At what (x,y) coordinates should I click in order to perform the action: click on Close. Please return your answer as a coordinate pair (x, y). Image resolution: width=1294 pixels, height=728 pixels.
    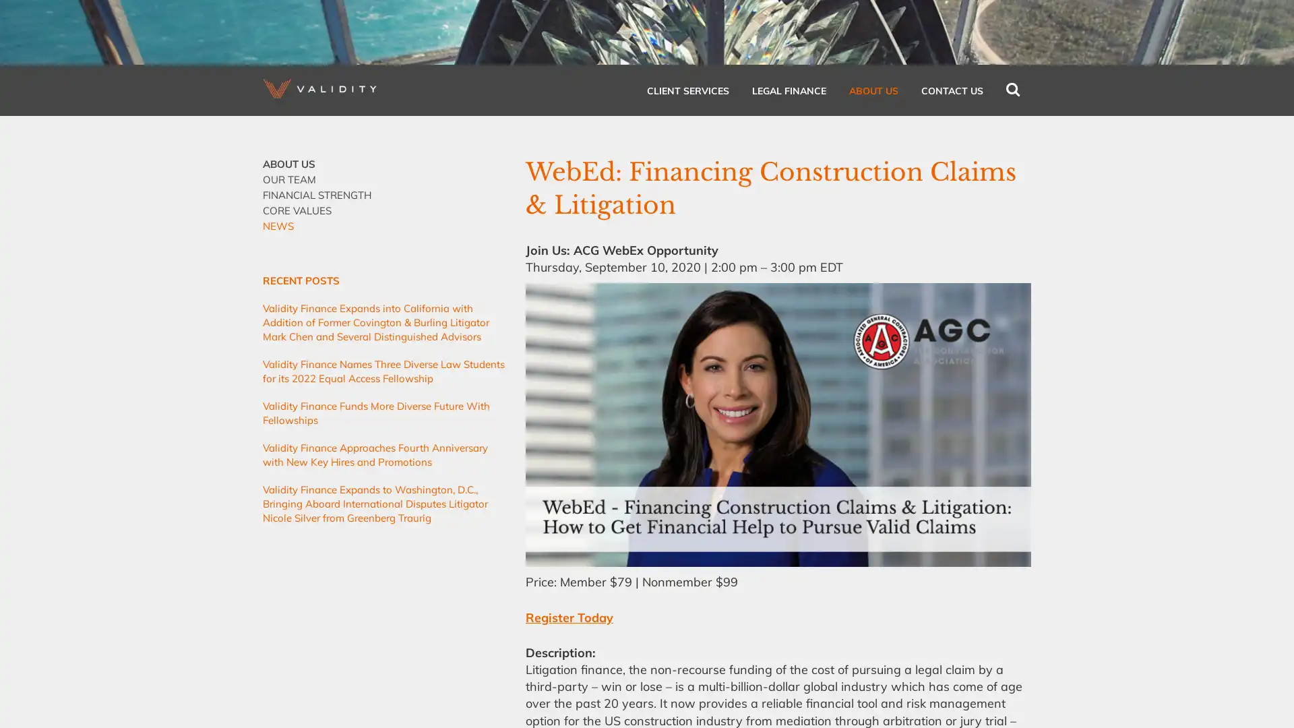
    Looking at the image, I should click on (821, 148).